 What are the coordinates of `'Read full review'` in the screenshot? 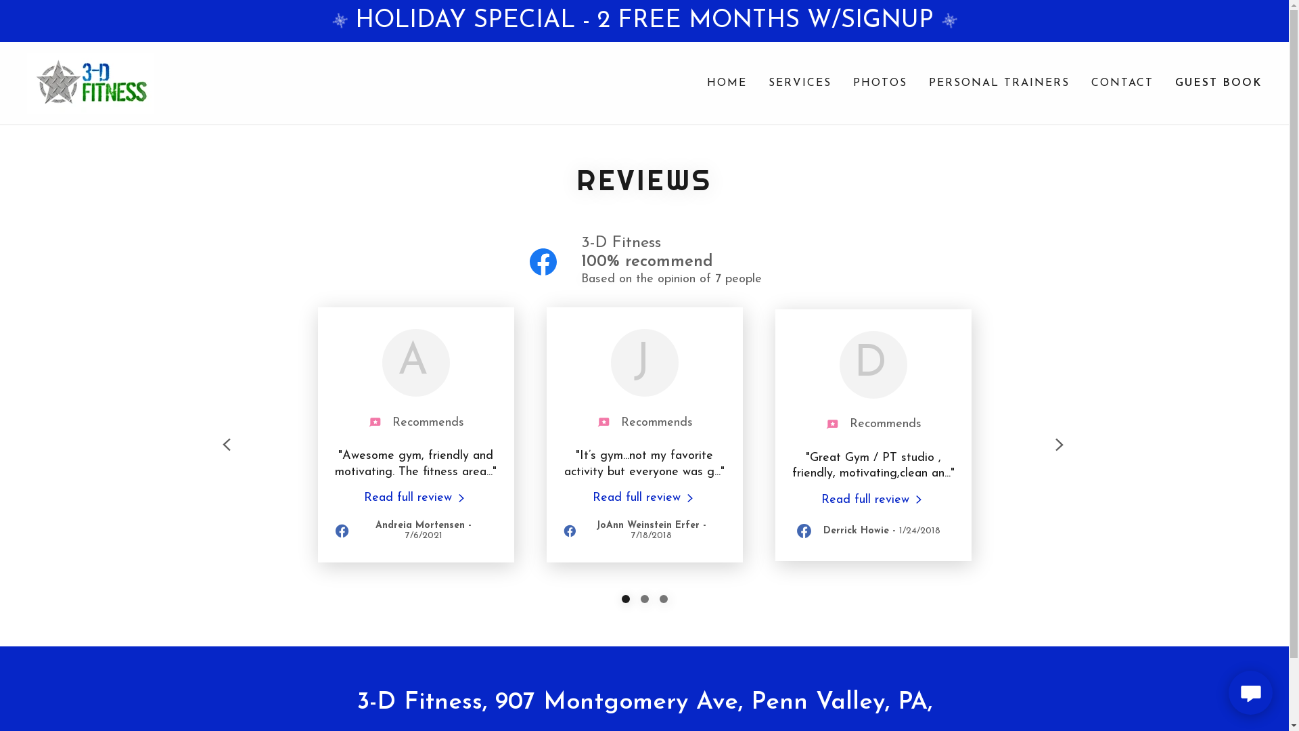 It's located at (415, 497).